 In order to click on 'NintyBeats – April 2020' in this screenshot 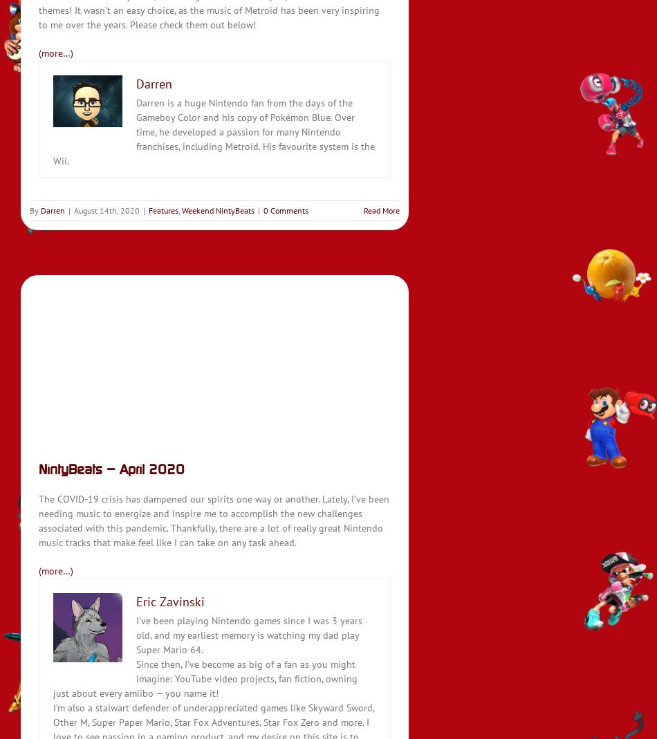, I will do `click(111, 467)`.